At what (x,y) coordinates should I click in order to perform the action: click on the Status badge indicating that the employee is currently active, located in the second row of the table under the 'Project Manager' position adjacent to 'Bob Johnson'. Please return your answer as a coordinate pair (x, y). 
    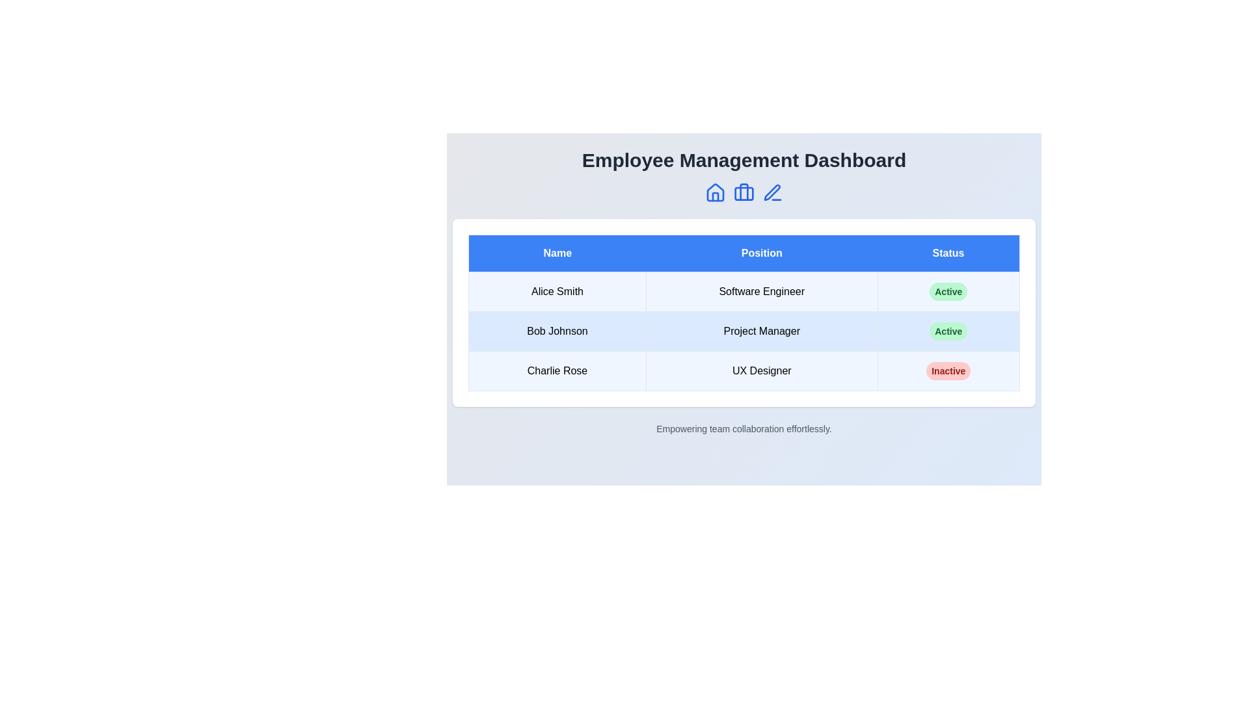
    Looking at the image, I should click on (948, 330).